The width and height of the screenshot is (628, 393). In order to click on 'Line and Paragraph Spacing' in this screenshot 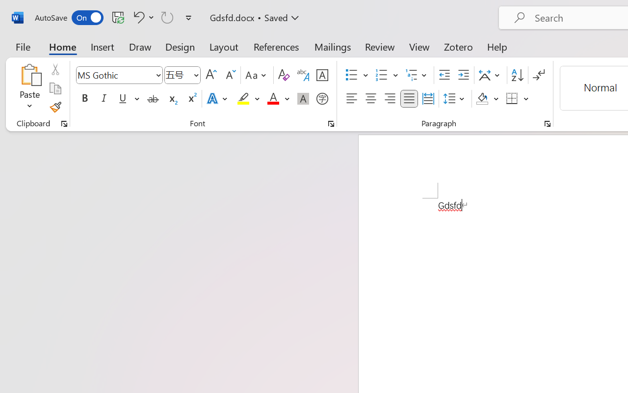, I will do `click(455, 99)`.